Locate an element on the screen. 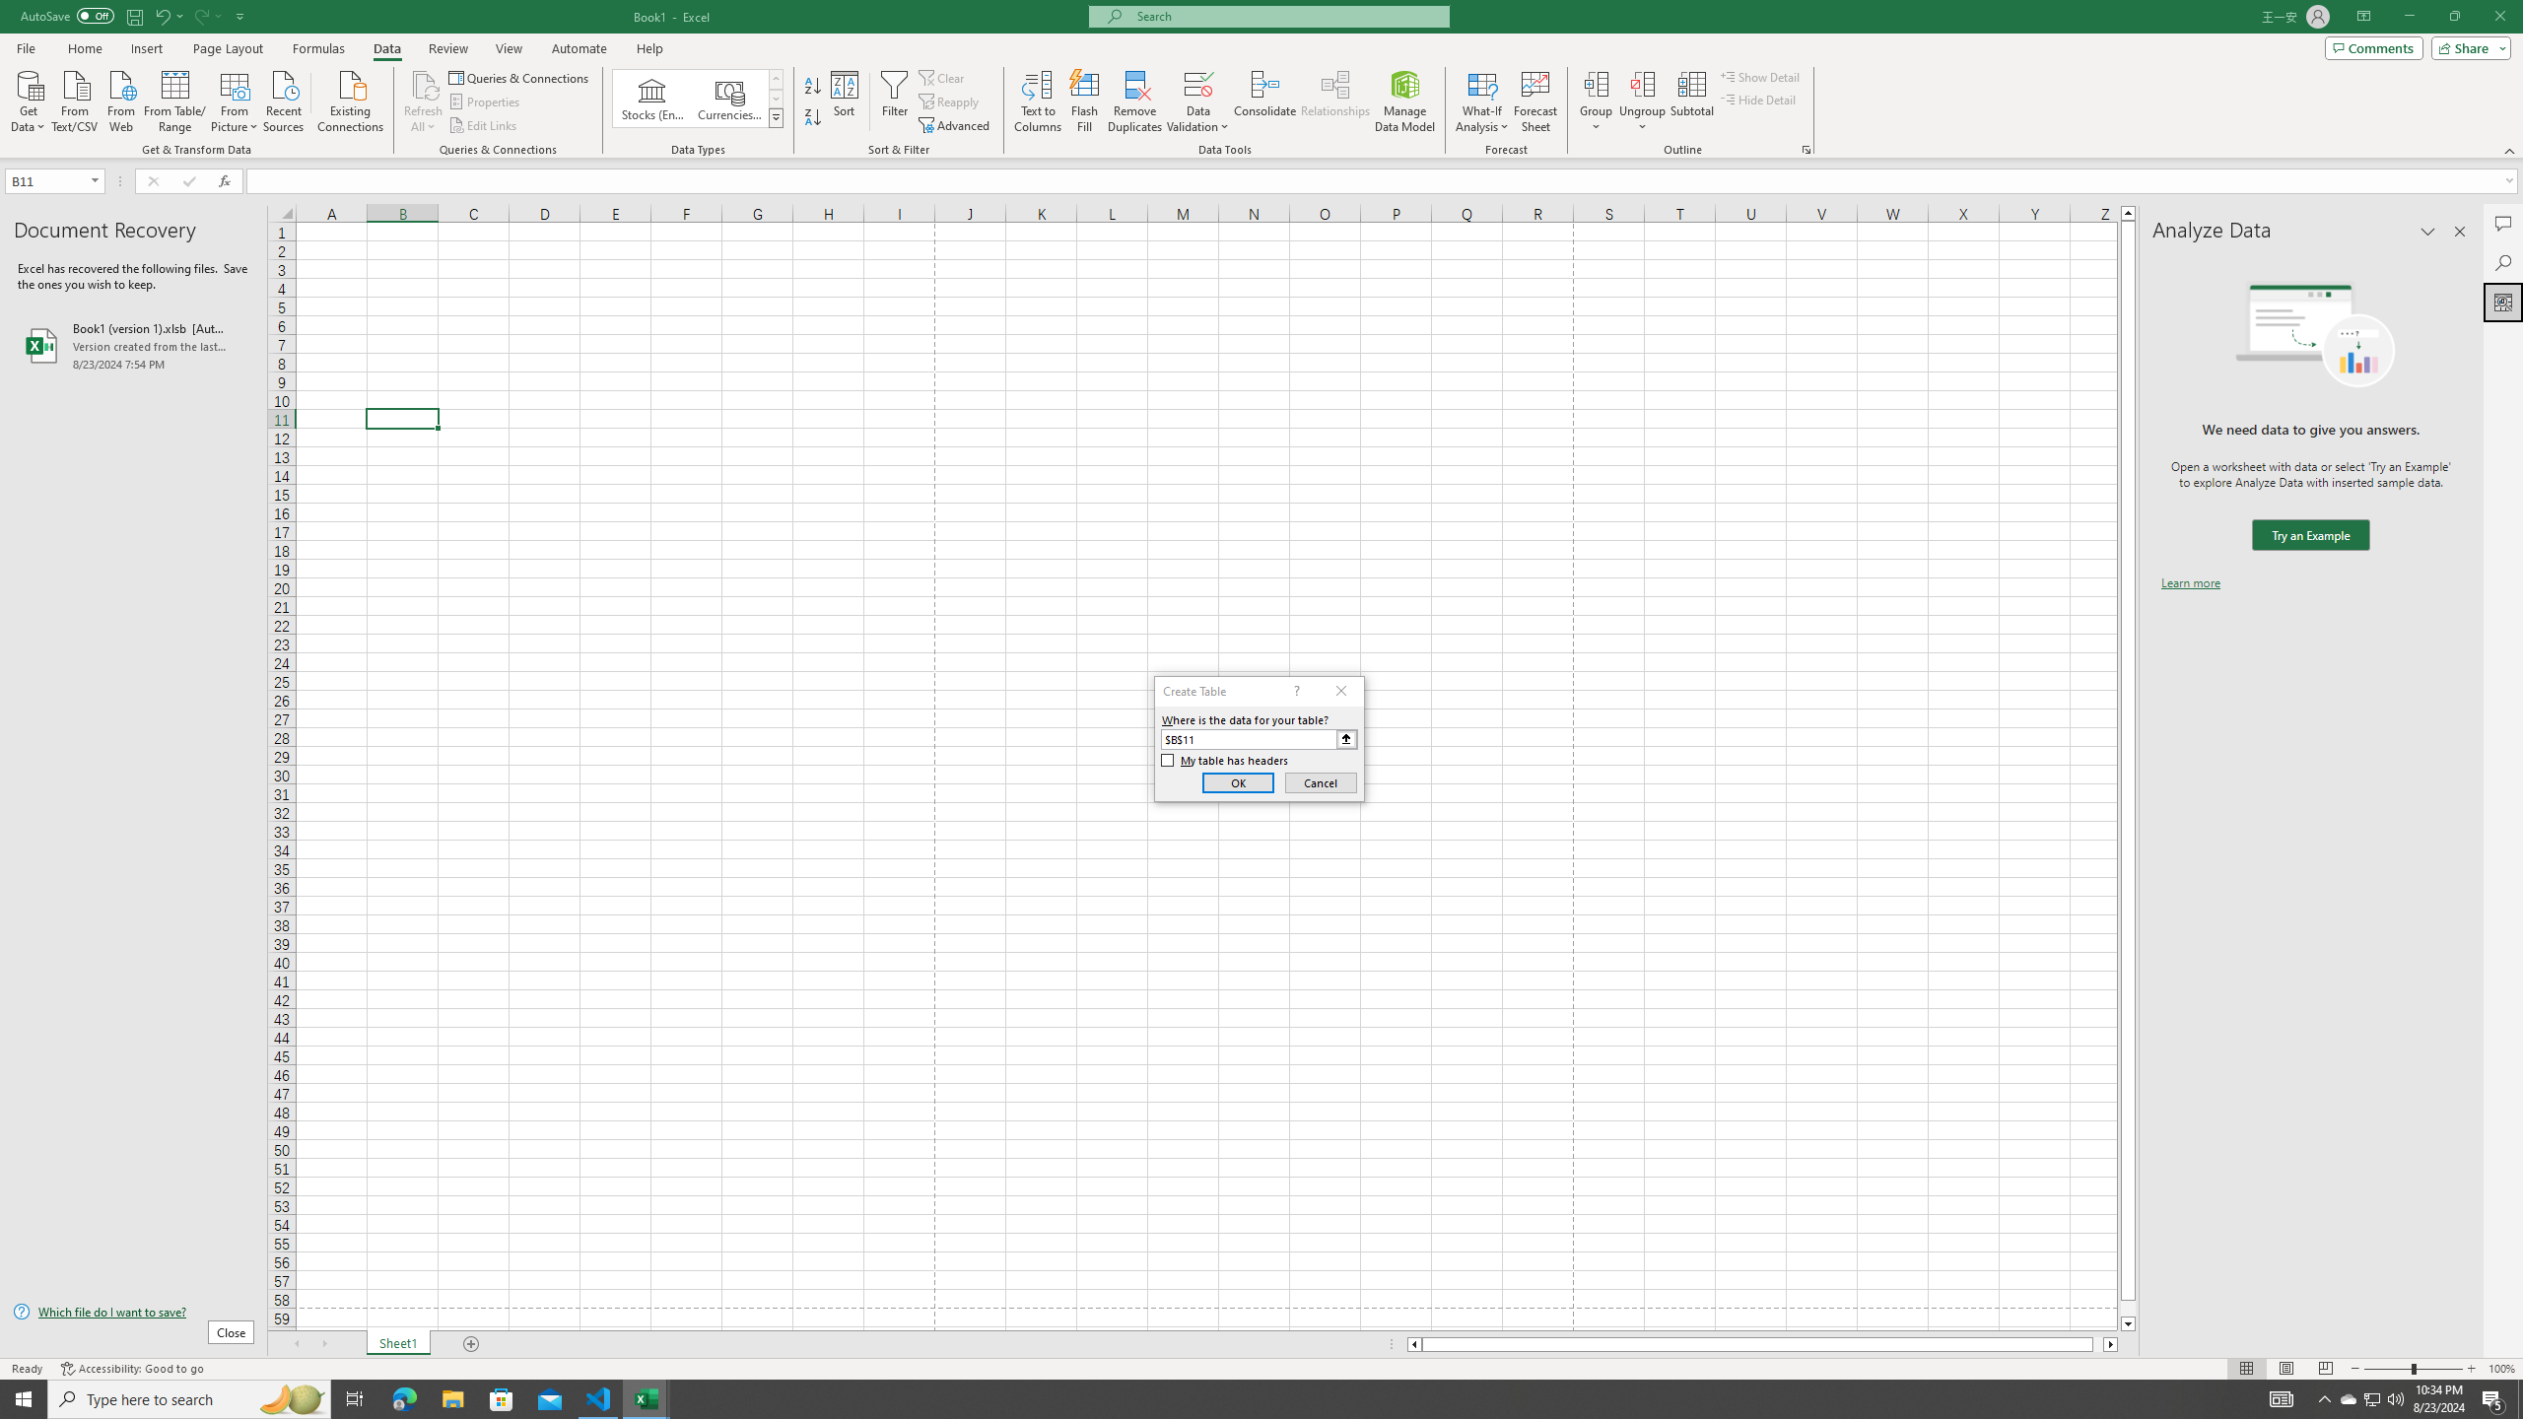 The width and height of the screenshot is (2523, 1419). 'Queries & Connections' is located at coordinates (519, 77).